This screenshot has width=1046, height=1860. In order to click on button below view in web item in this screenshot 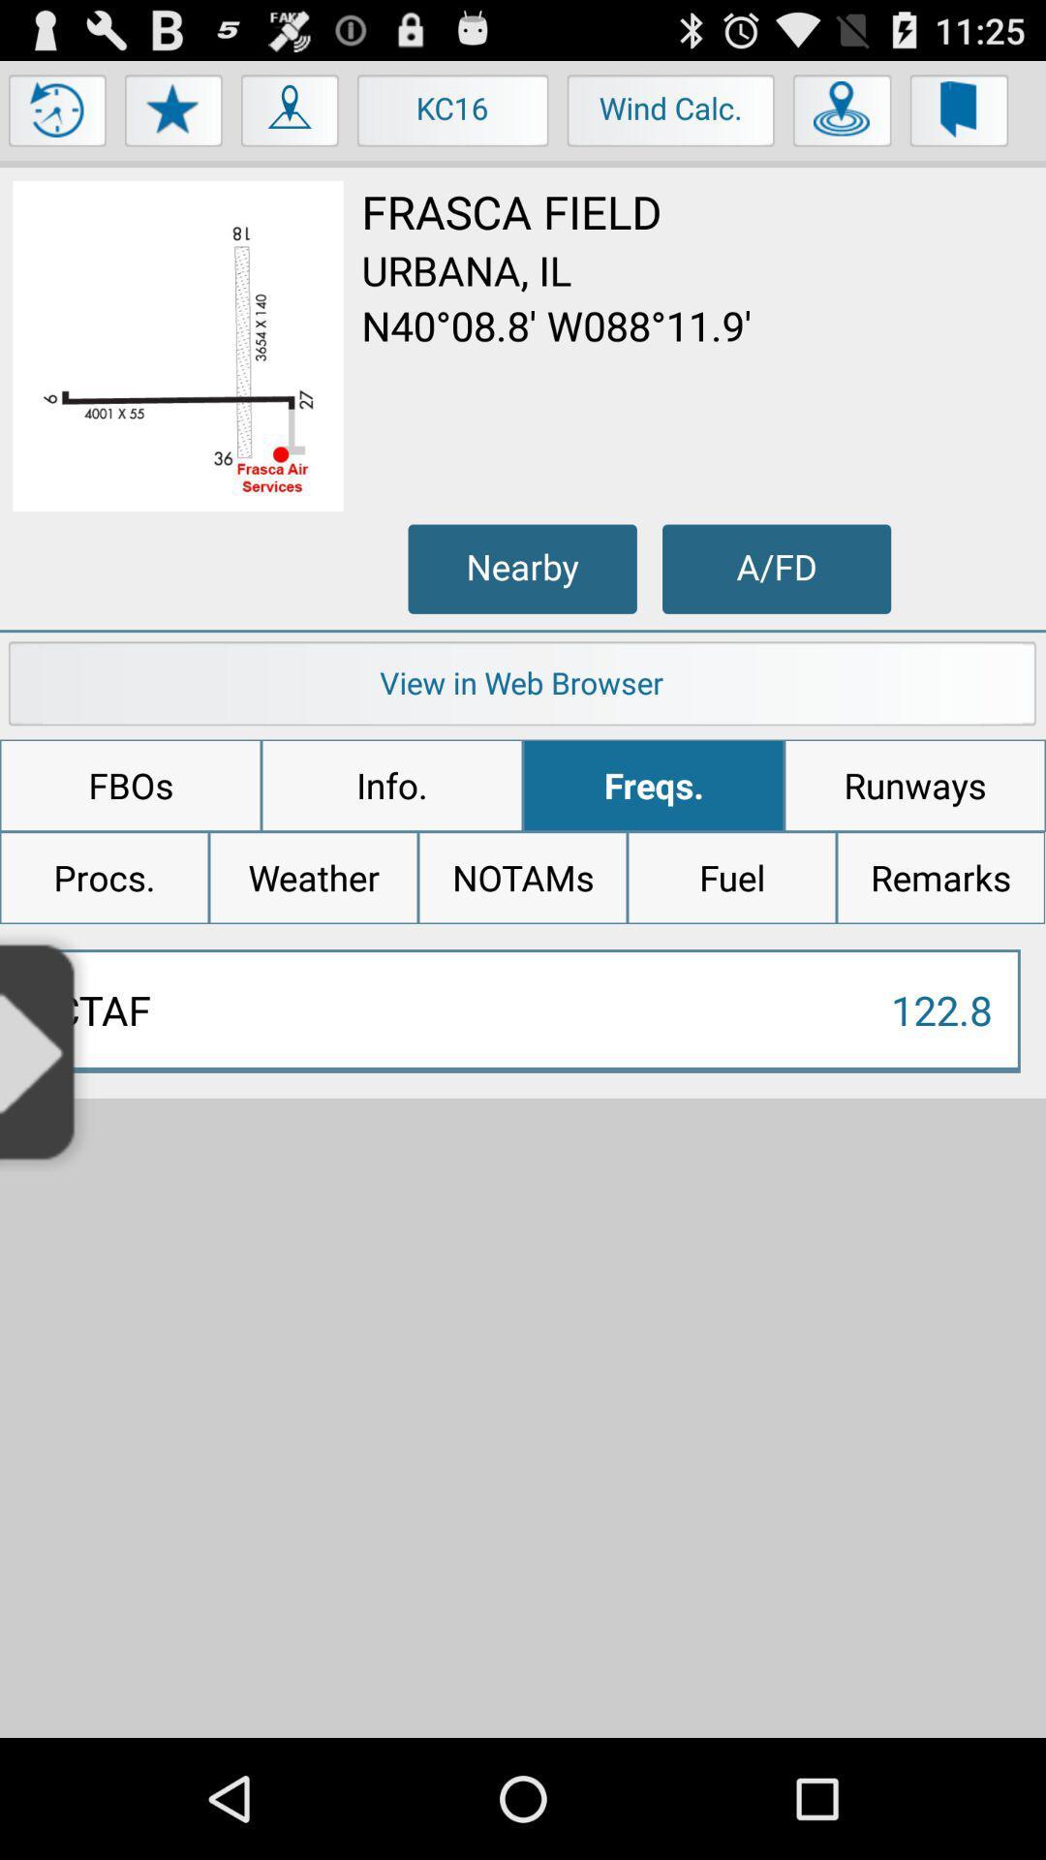, I will do `click(131, 786)`.